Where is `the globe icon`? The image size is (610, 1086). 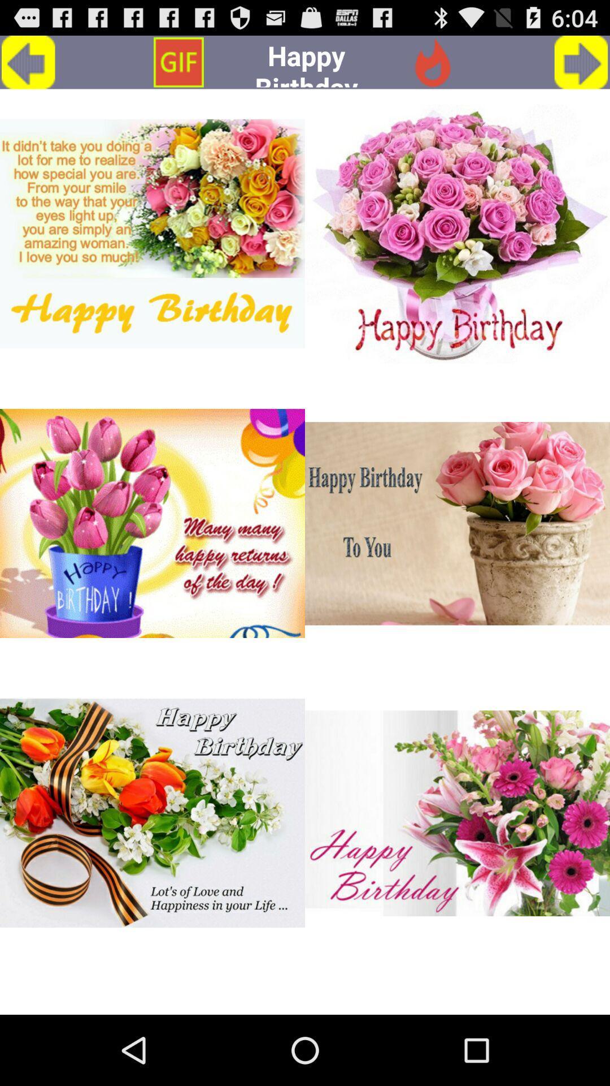
the globe icon is located at coordinates (178, 66).